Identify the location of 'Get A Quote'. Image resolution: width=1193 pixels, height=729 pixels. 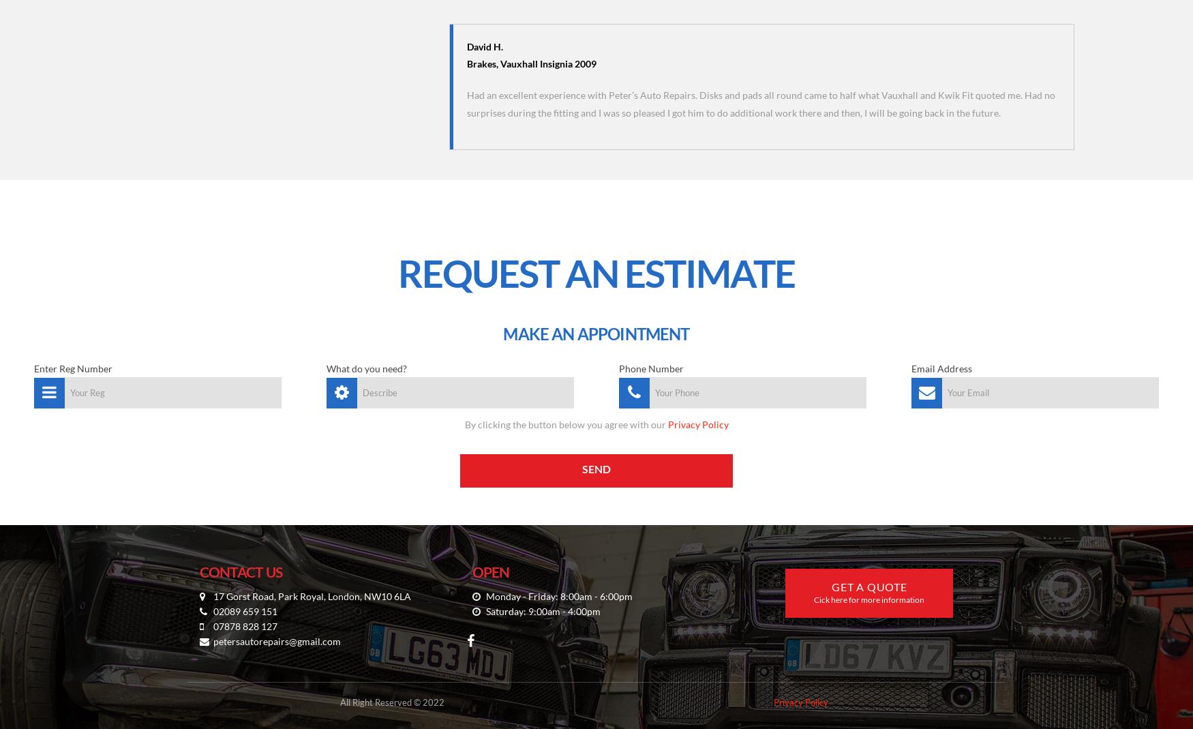
(868, 586).